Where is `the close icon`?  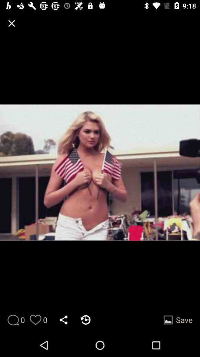 the close icon is located at coordinates (11, 23).